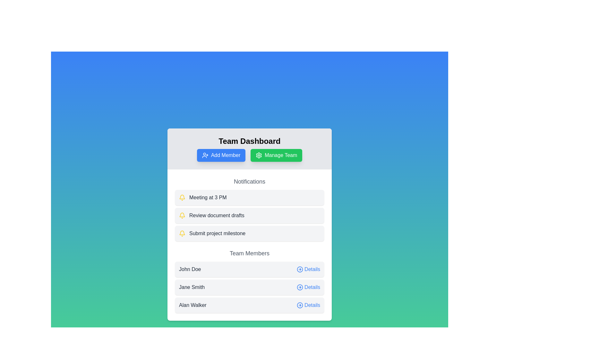  I want to click on the 'Details' button located, so click(308, 269).